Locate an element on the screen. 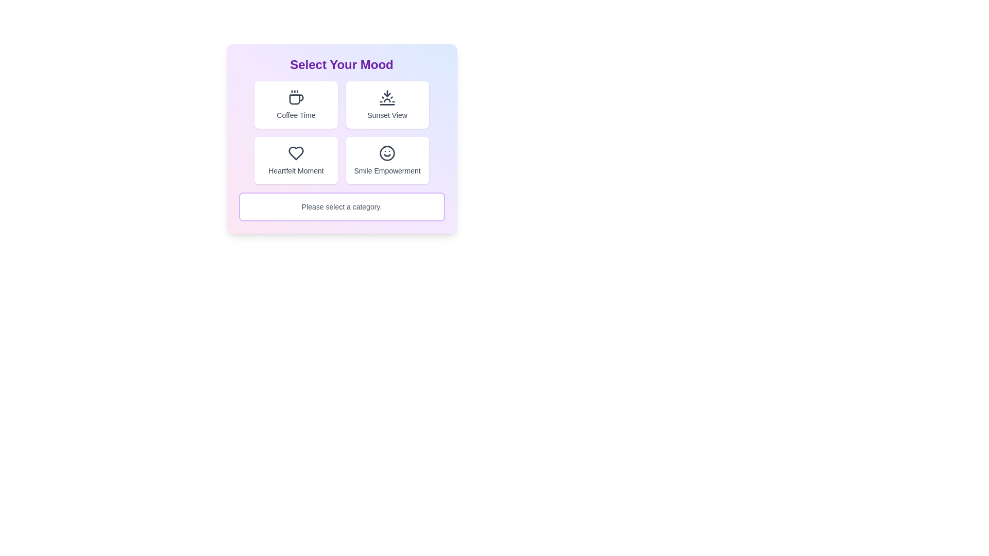 This screenshot has height=556, width=989. the 'Smile Empowerment' button, which is a rectangular button with a white background, a smiley face icon, and gray text, located in the grid layout under 'Select Your Mood' is located at coordinates (387, 161).